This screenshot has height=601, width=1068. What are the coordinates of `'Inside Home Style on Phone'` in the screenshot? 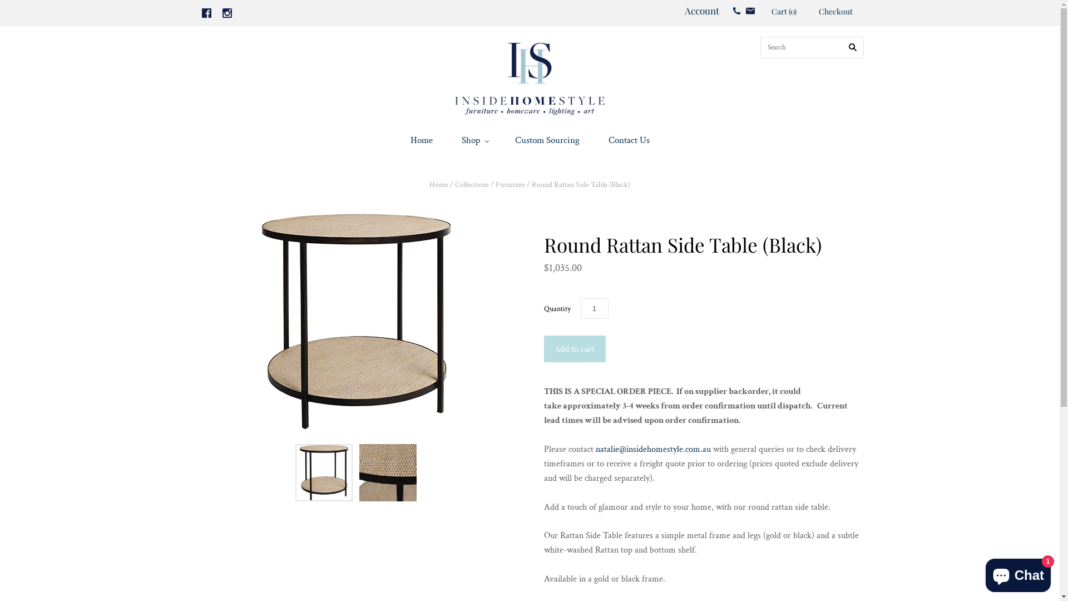 It's located at (736, 11).